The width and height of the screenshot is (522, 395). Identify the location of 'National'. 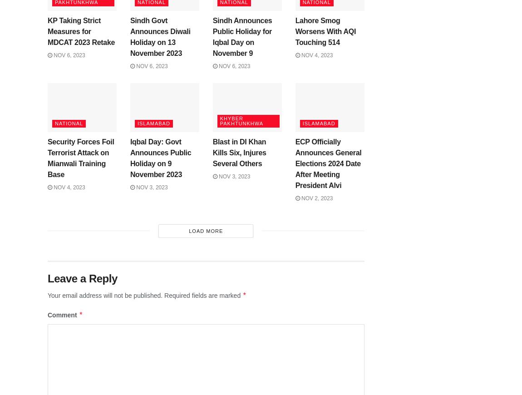
(69, 123).